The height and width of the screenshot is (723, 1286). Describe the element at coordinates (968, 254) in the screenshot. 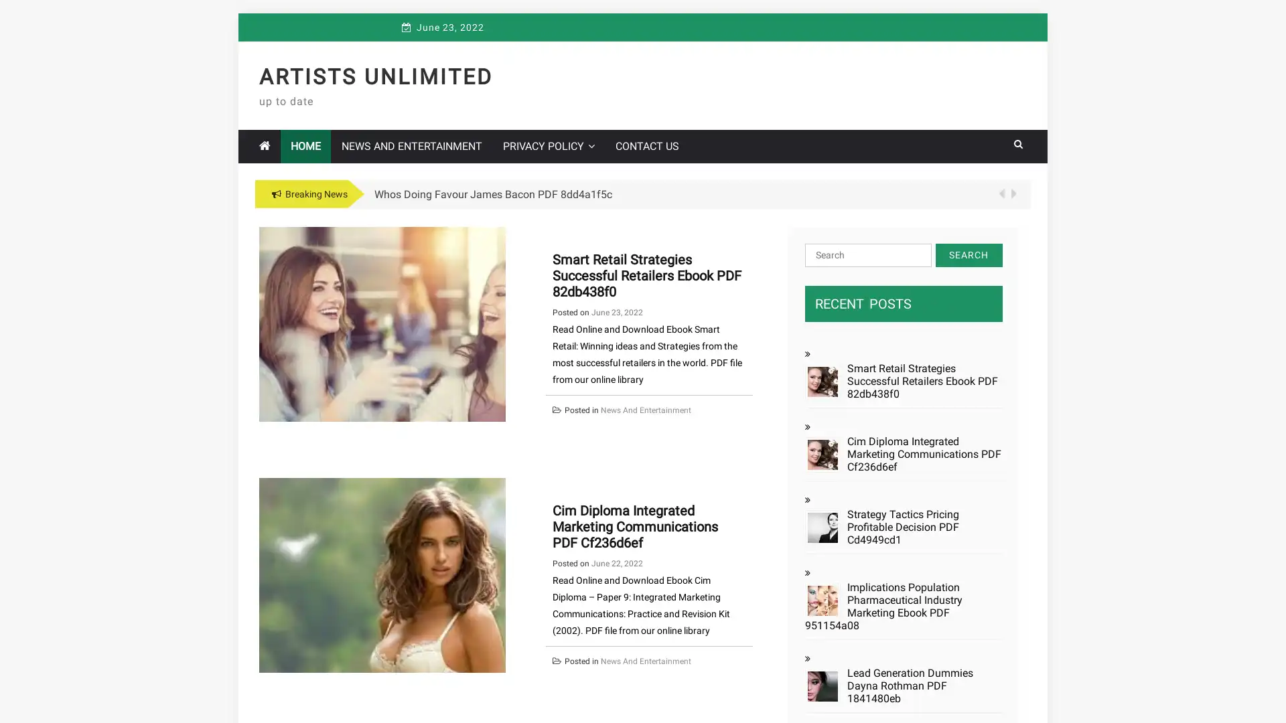

I see `Search` at that location.